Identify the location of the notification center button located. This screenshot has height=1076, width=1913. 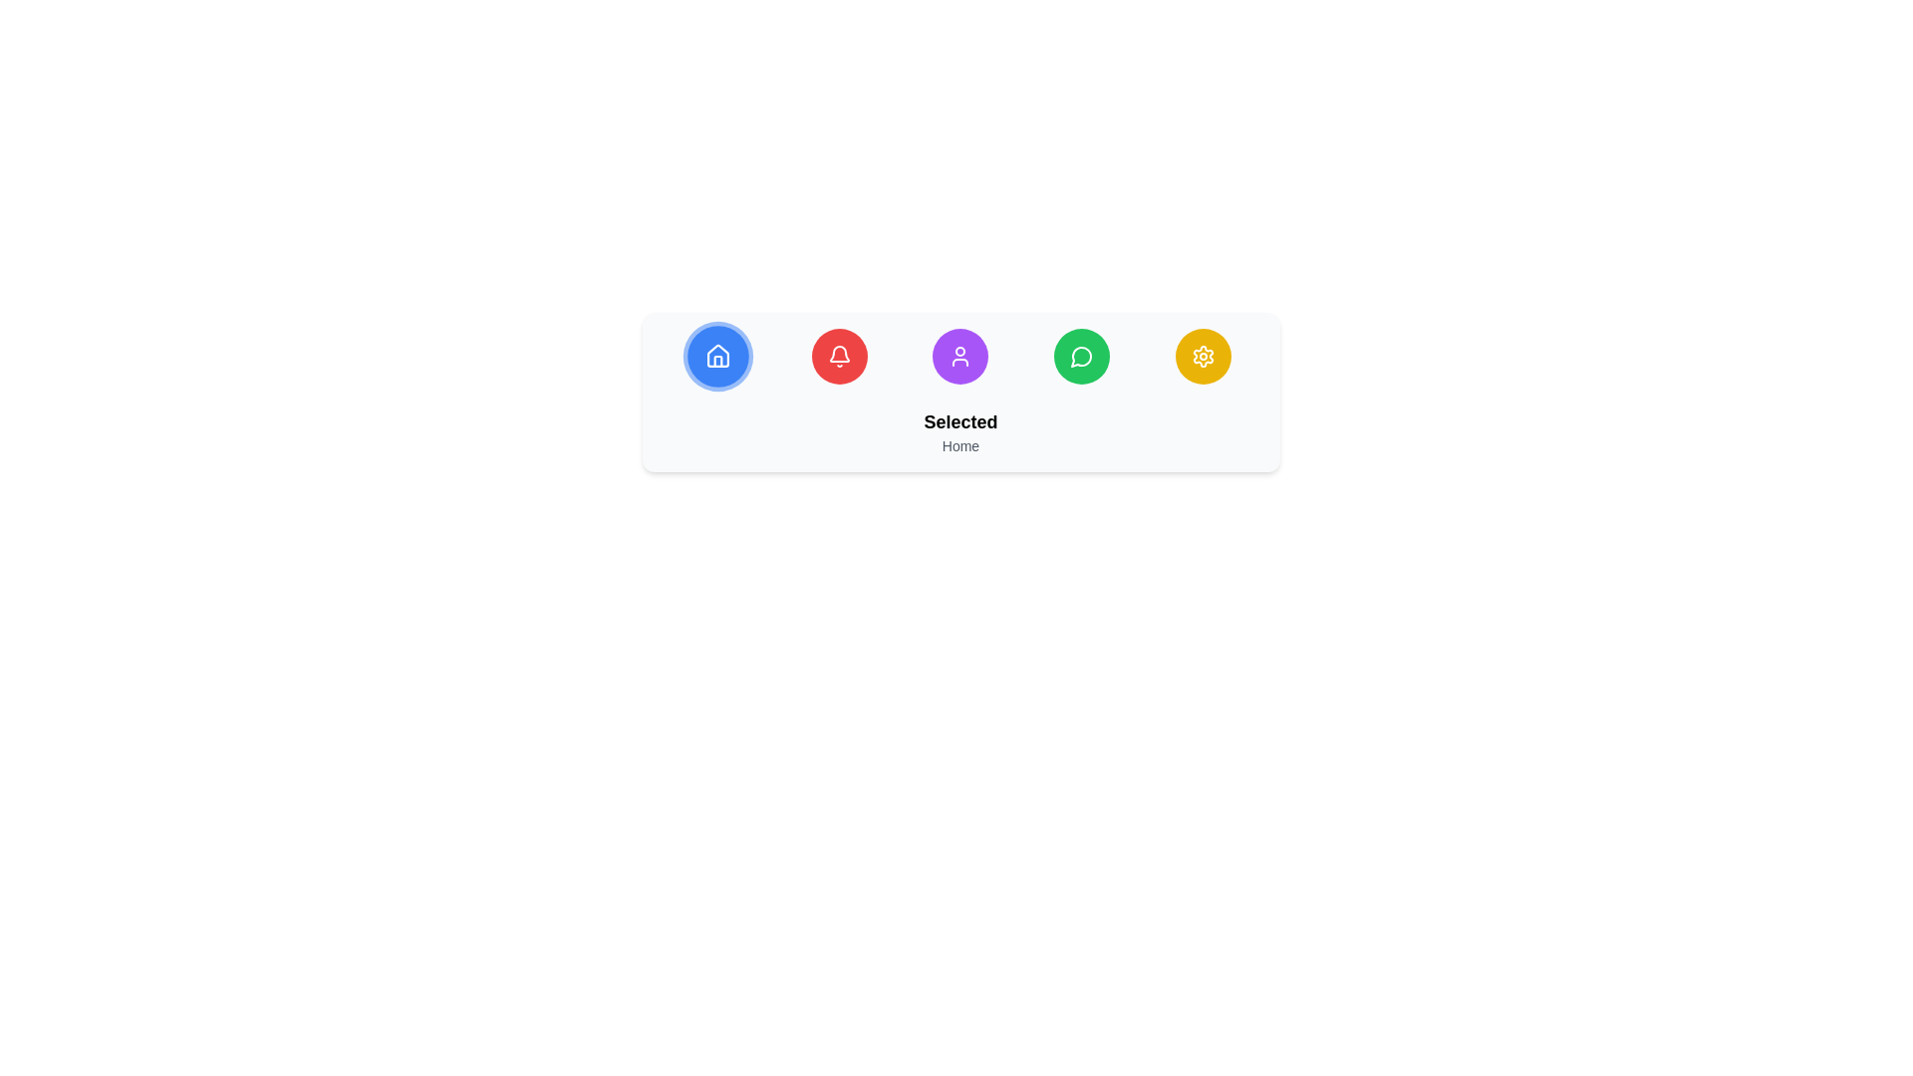
(839, 356).